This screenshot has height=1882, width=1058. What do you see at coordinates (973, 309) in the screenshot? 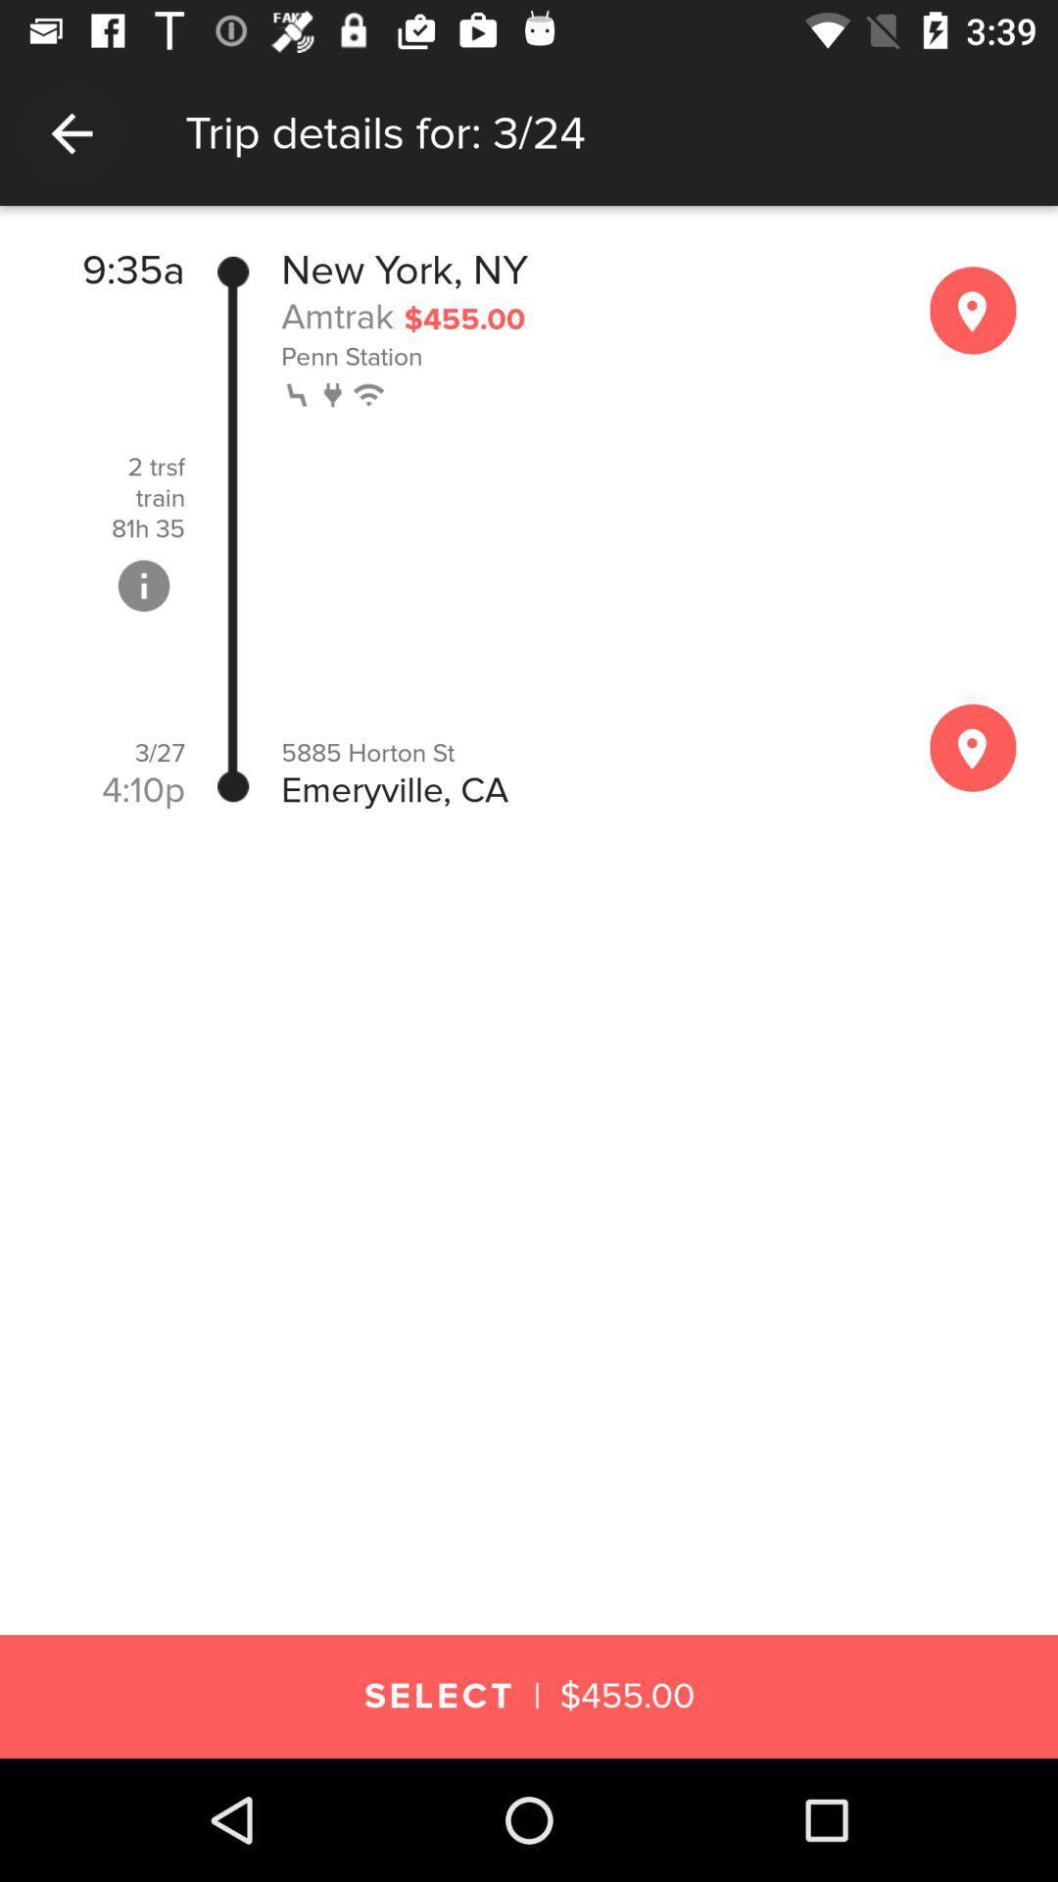
I see `place identity icon` at bounding box center [973, 309].